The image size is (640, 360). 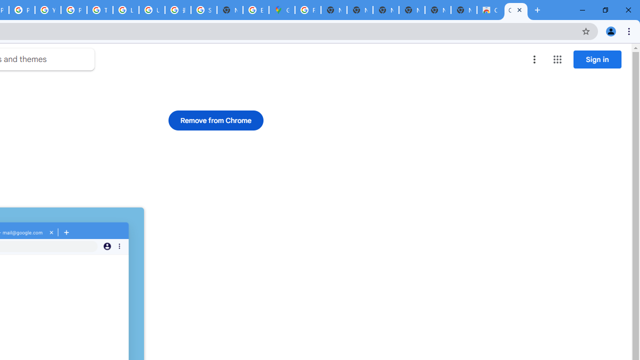 What do you see at coordinates (489, 10) in the screenshot?
I see `'Classic Blue - Chrome Web Store'` at bounding box center [489, 10].